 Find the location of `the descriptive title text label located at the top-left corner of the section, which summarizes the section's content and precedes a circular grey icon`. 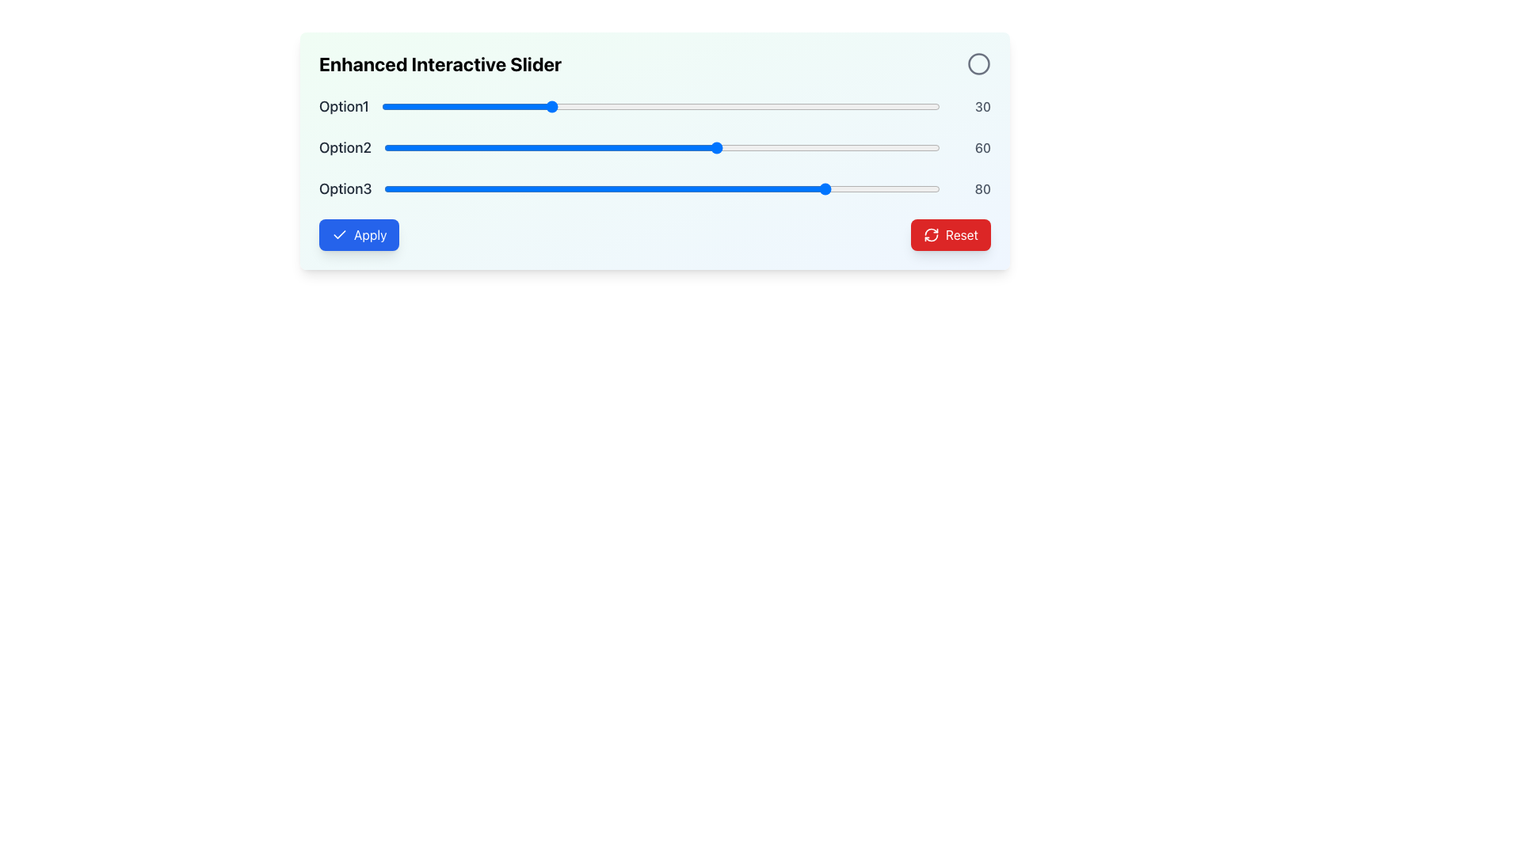

the descriptive title text label located at the top-left corner of the section, which summarizes the section's content and precedes a circular grey icon is located at coordinates (440, 63).